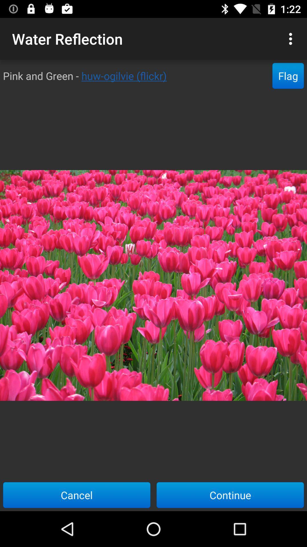 The height and width of the screenshot is (547, 307). Describe the element at coordinates (77, 495) in the screenshot. I see `the icon next to continue` at that location.